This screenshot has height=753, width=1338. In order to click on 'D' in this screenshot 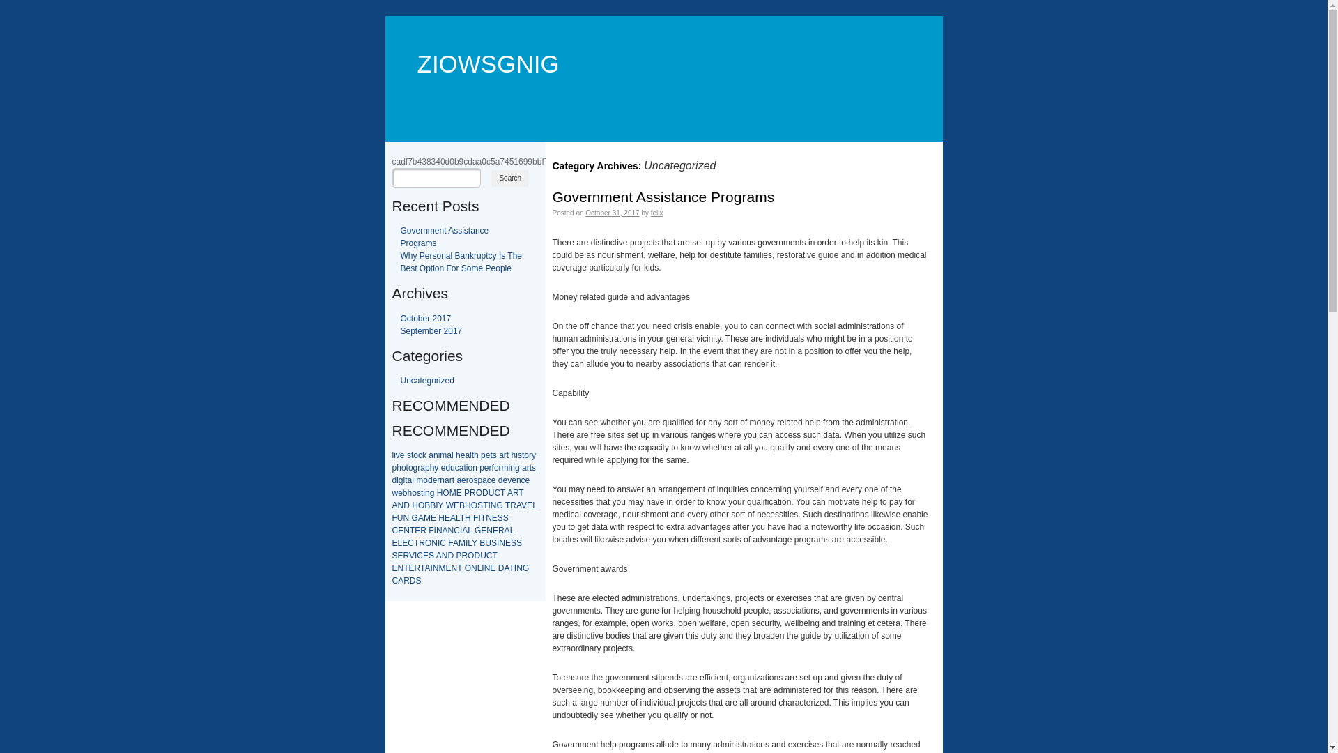, I will do `click(485, 492)`.